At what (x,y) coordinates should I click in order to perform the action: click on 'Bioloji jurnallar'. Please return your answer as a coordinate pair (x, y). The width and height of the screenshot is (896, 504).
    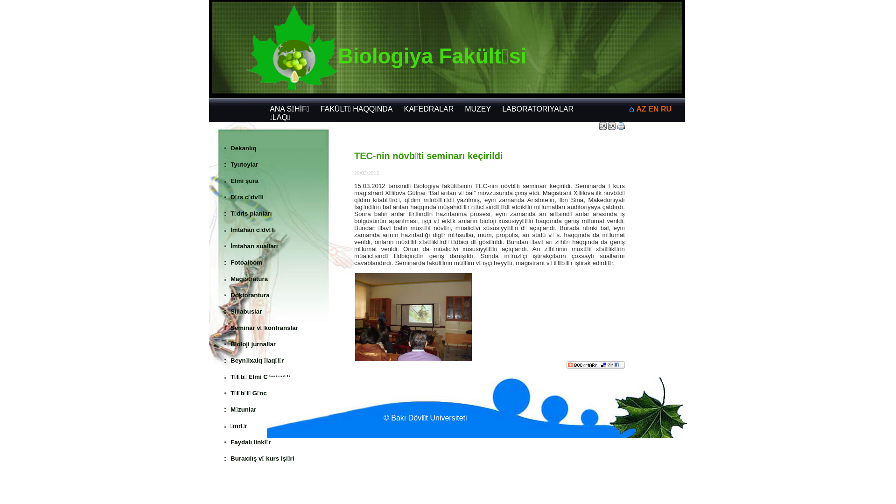
    Looking at the image, I should click on (253, 344).